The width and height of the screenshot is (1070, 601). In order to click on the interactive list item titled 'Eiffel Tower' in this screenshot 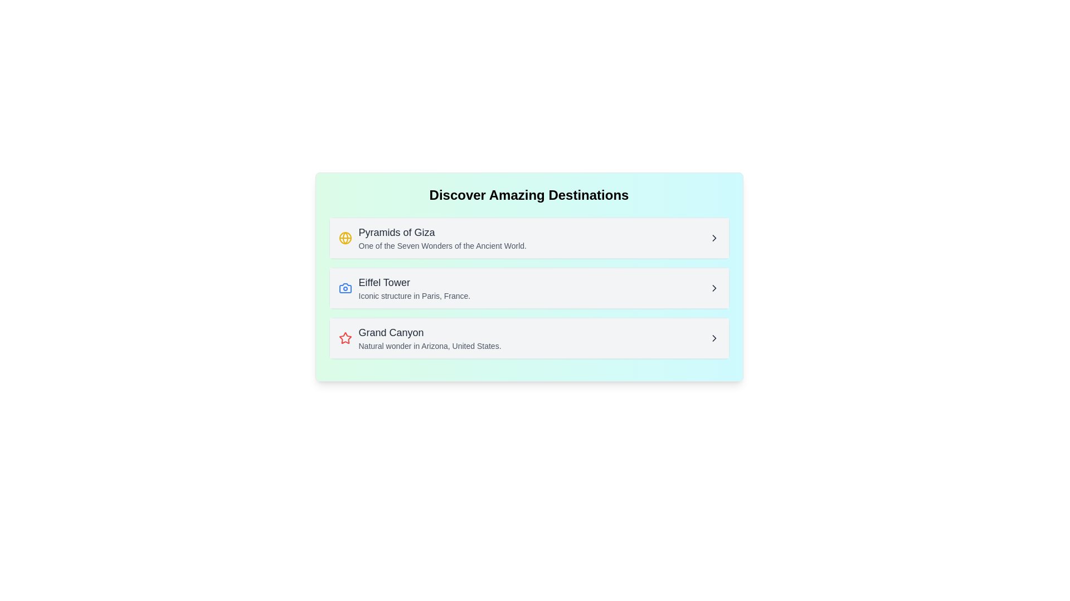, I will do `click(528, 276)`.